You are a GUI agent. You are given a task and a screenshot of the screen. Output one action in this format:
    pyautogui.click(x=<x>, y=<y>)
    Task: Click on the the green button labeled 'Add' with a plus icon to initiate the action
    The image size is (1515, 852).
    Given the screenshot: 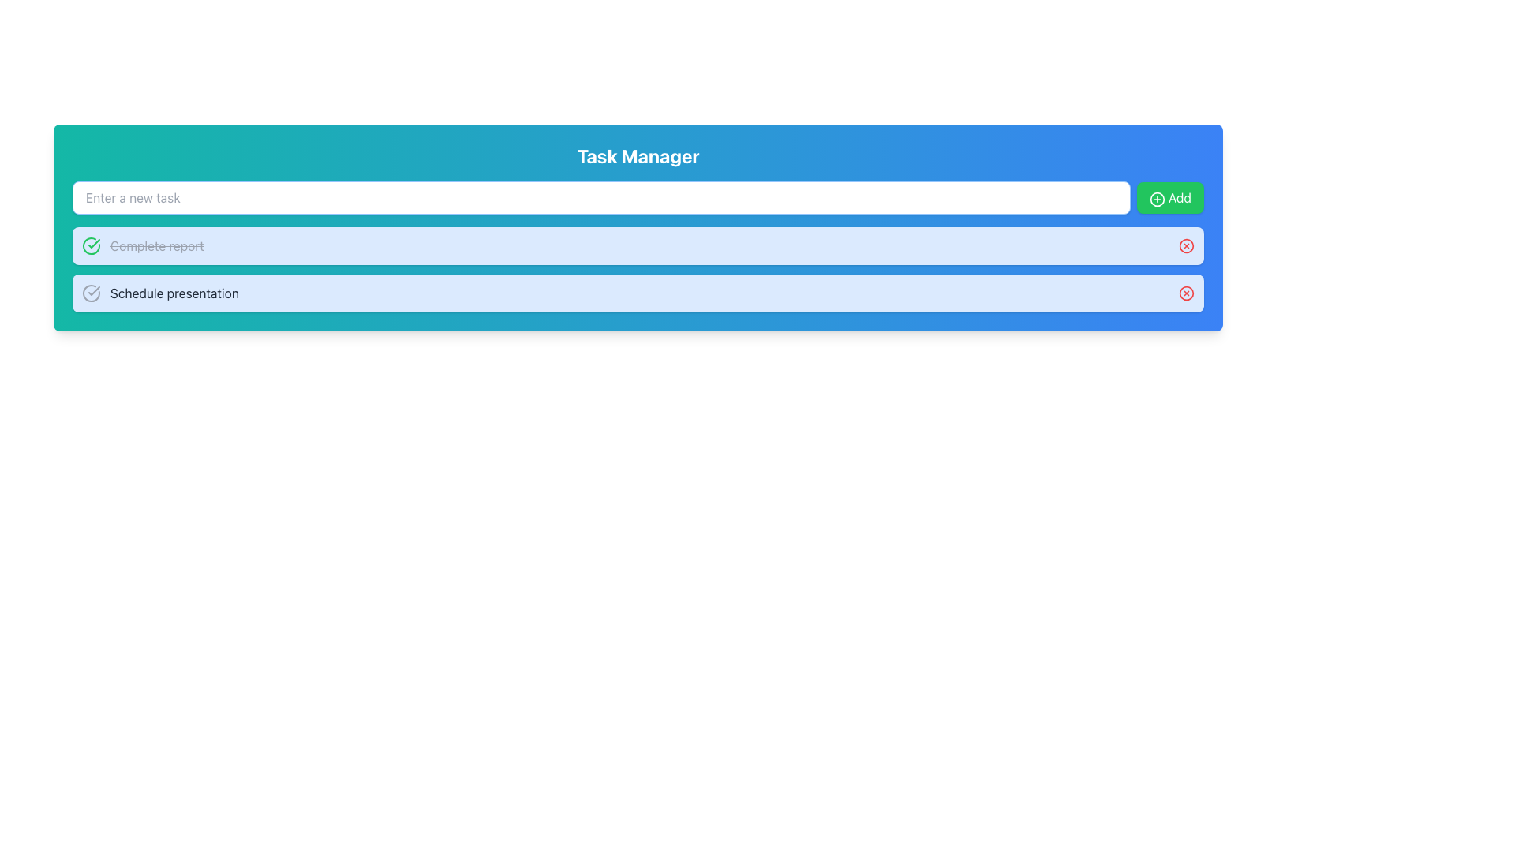 What is the action you would take?
    pyautogui.click(x=1170, y=196)
    